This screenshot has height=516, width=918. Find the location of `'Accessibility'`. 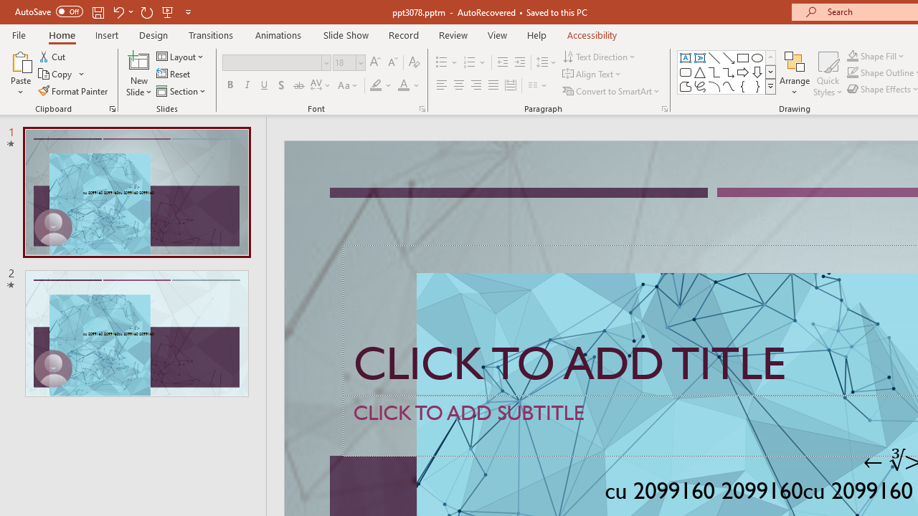

'Accessibility' is located at coordinates (592, 34).